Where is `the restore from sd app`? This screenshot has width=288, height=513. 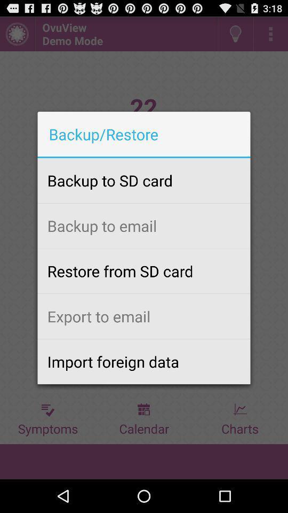
the restore from sd app is located at coordinates (144, 270).